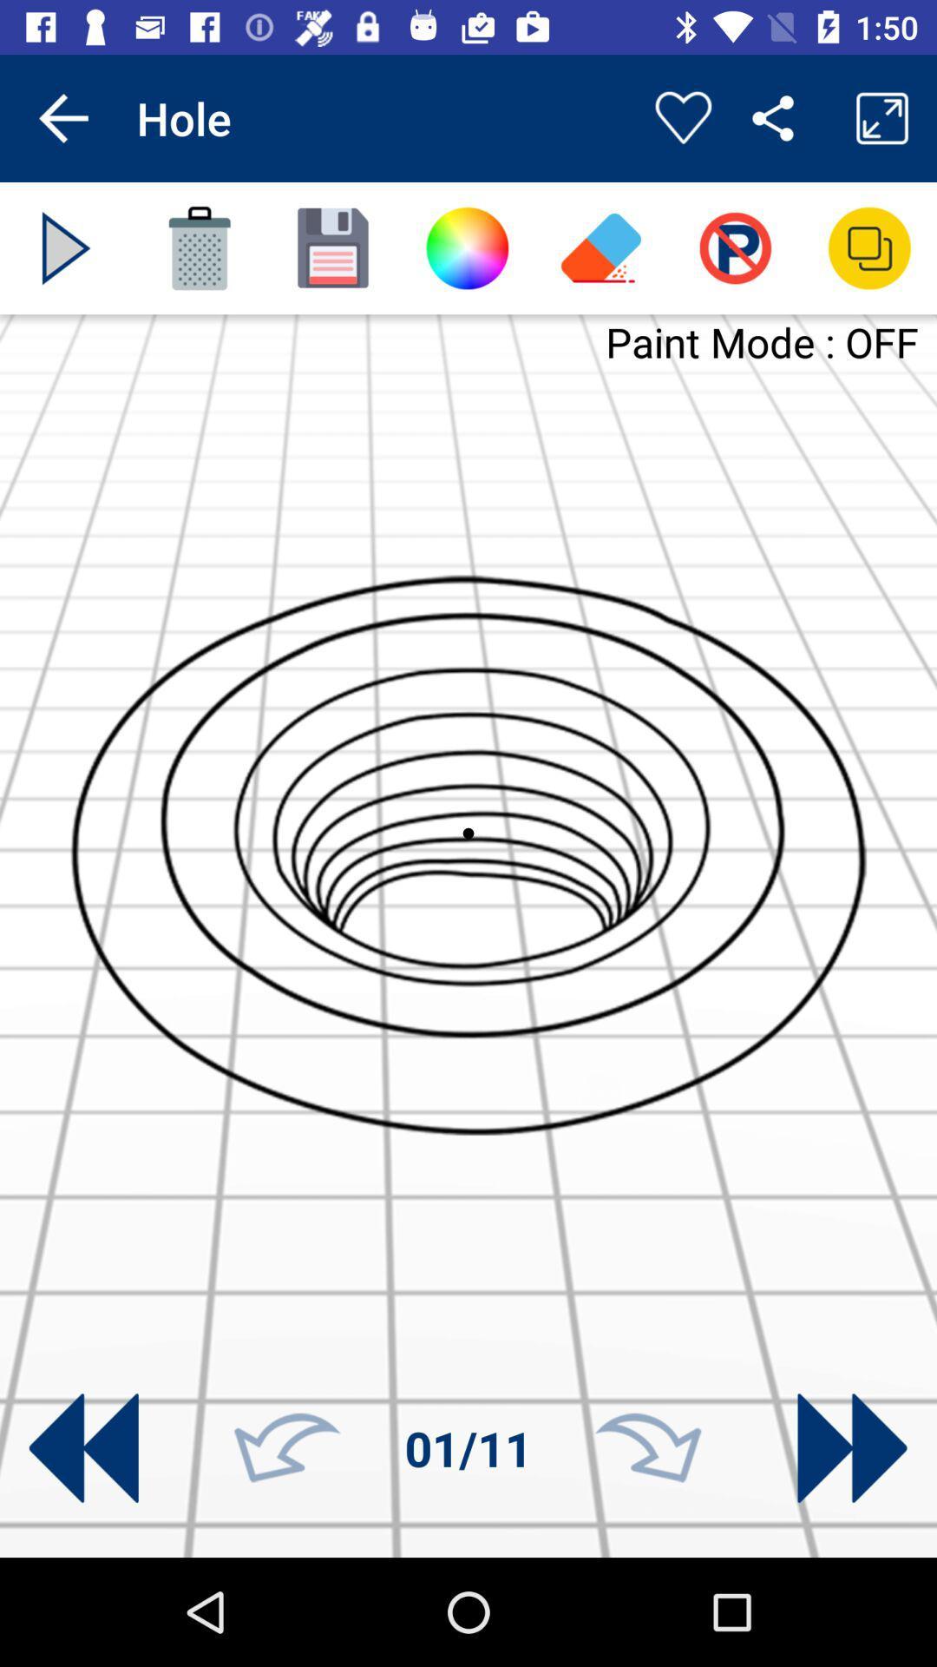  I want to click on redo option, so click(648, 1448).